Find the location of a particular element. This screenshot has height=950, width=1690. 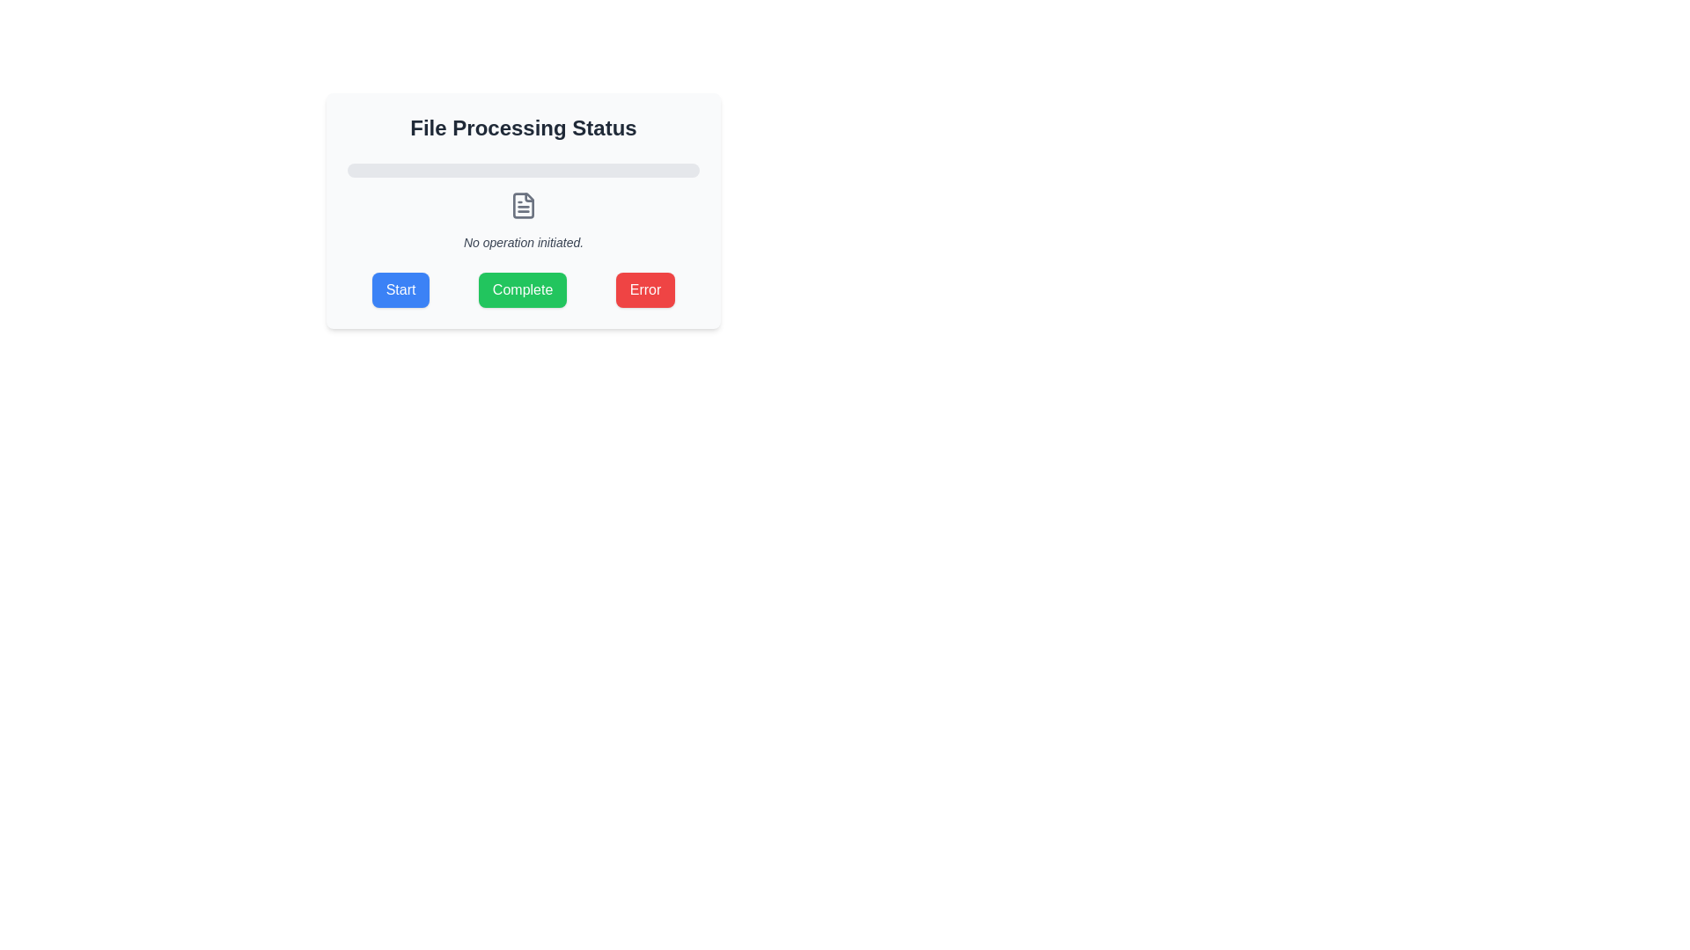

the green 'Complete' button with rounded corners located below the 'File Processing Status' heading is located at coordinates (522, 289).